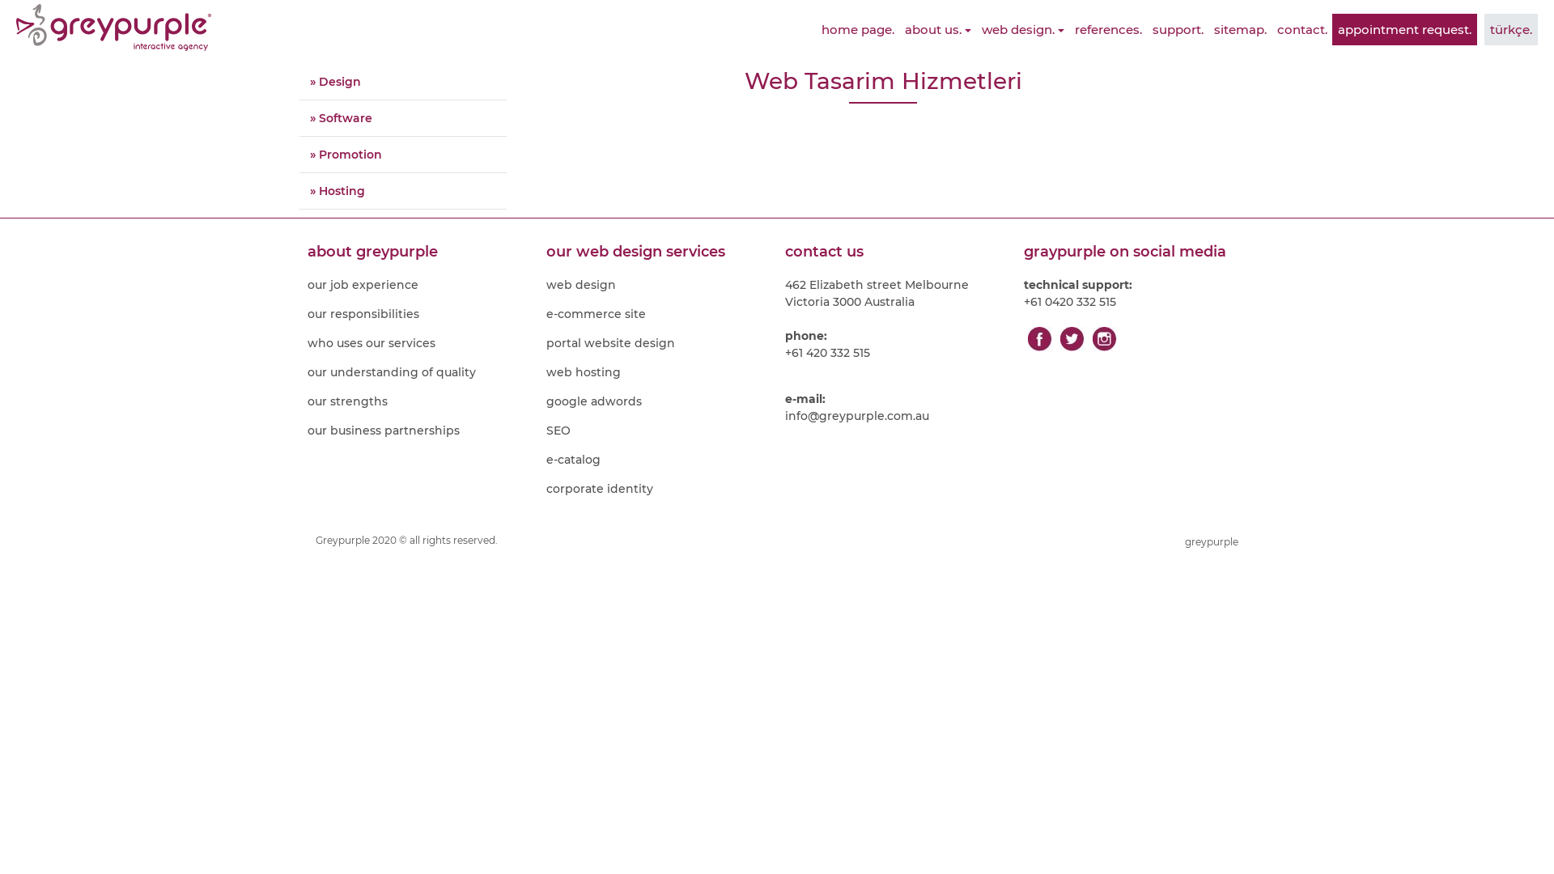 The height and width of the screenshot is (874, 1554). Describe the element at coordinates (546, 252) in the screenshot. I see `'our web design services'` at that location.